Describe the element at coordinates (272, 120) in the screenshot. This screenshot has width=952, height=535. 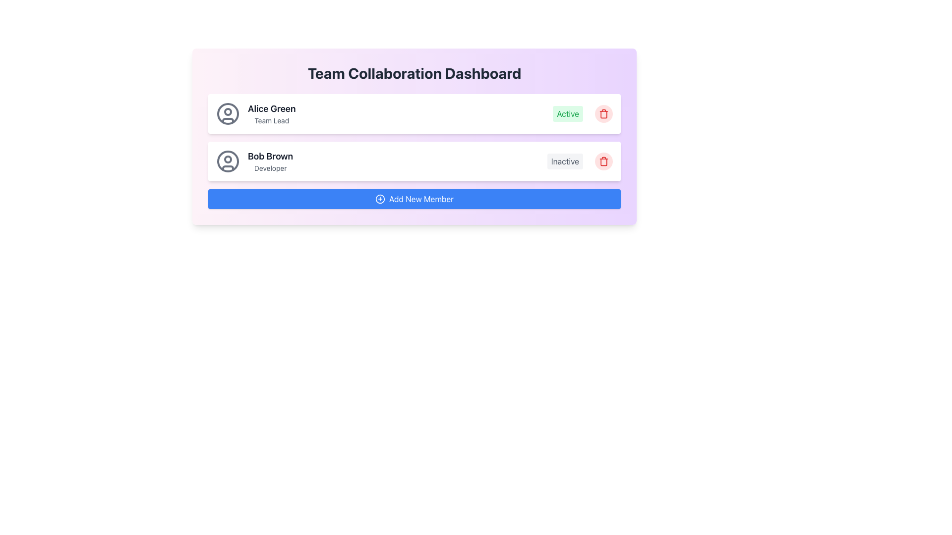
I see `text label indicating the role 'Team Lead' for the person named 'Alice Green', located in the top user card directly below the name` at that location.